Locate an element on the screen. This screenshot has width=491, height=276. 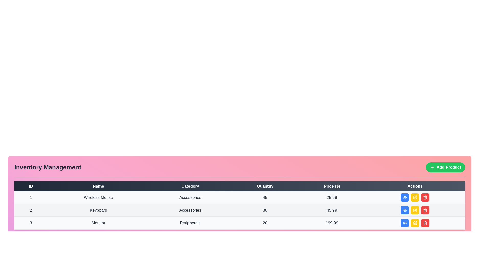
the edit icon represented by a pencil overlapping a square, located in the 'Actions' column of the table in the third row for the 'Monitor' entry is located at coordinates (416, 210).